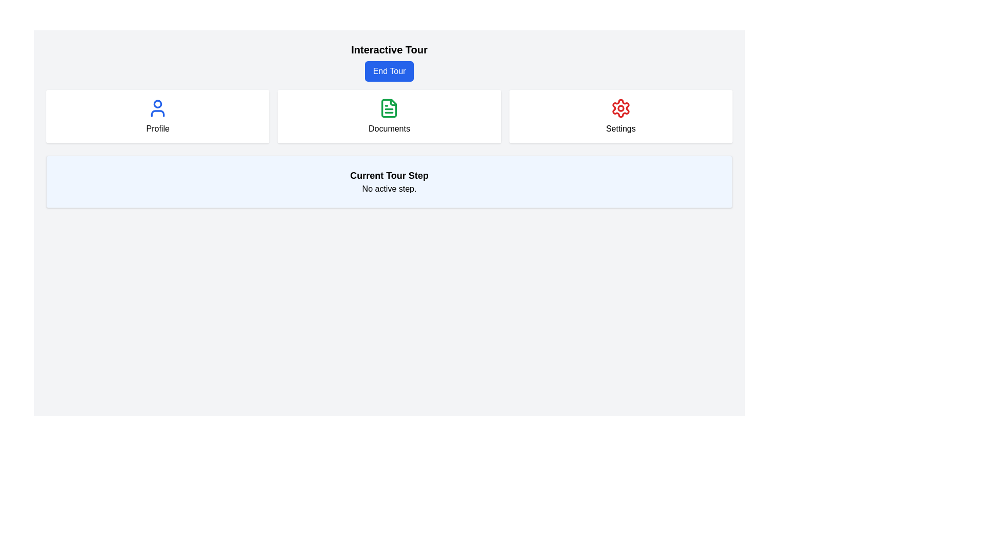 The height and width of the screenshot is (555, 987). What do you see at coordinates (389, 108) in the screenshot?
I see `the green document icon with a rounded corner located between the 'Profile' and 'Settings' icons` at bounding box center [389, 108].